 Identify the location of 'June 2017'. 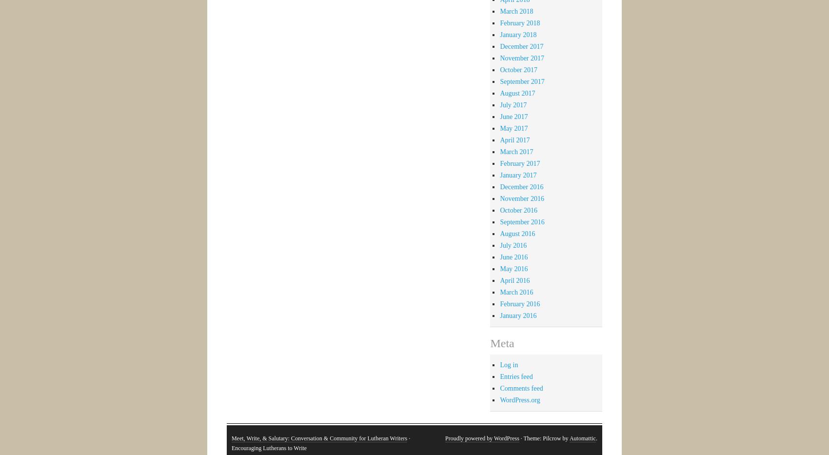
(513, 116).